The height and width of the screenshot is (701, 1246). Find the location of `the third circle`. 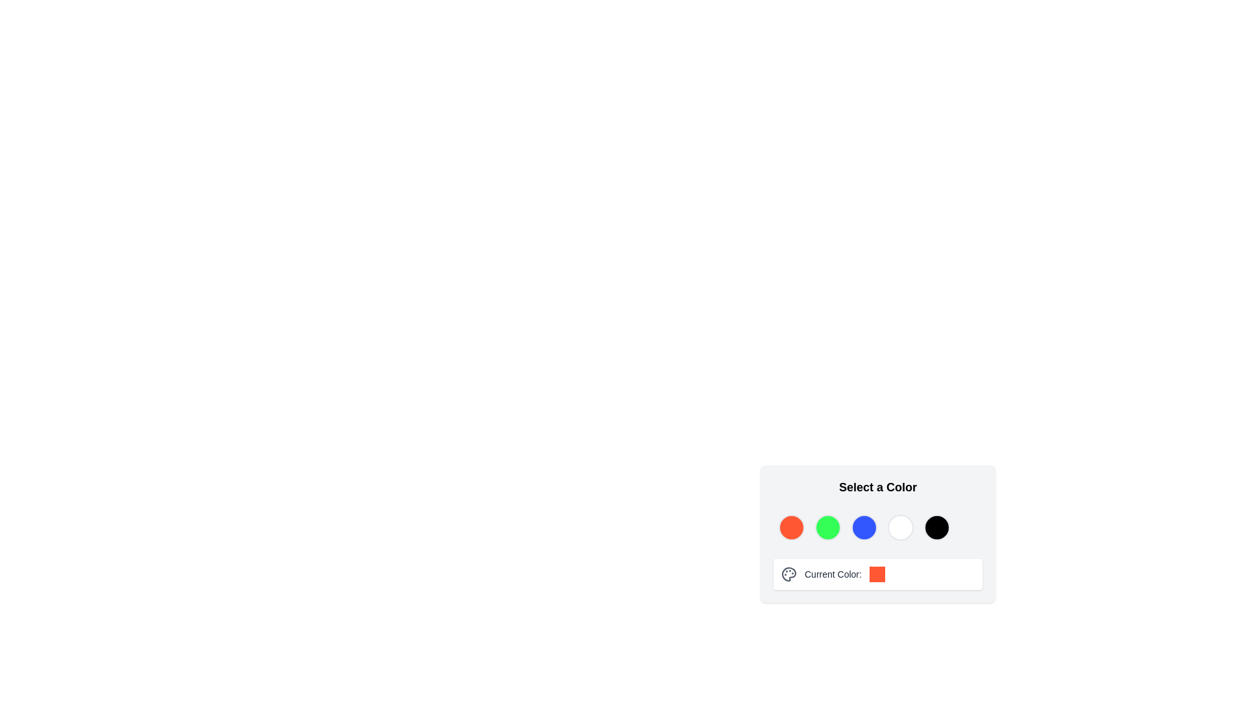

the third circle is located at coordinates (864, 528).